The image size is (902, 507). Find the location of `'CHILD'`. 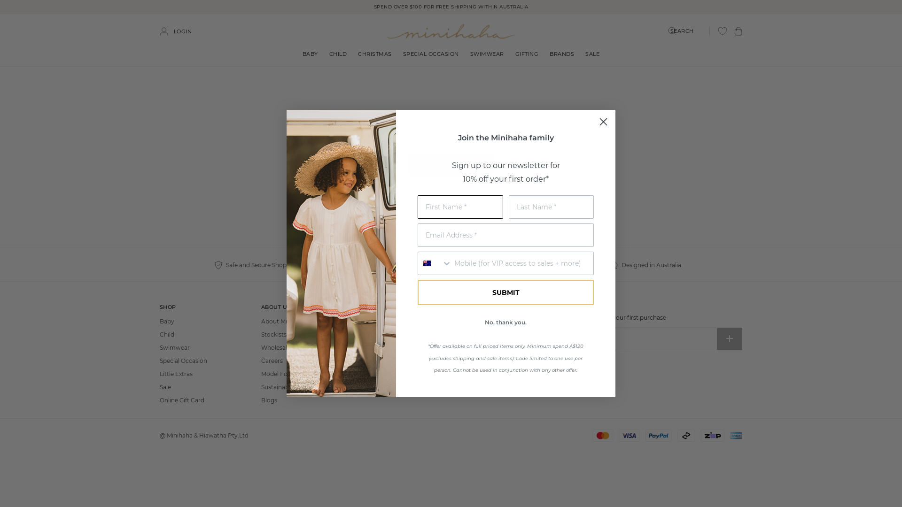

'CHILD' is located at coordinates (338, 54).